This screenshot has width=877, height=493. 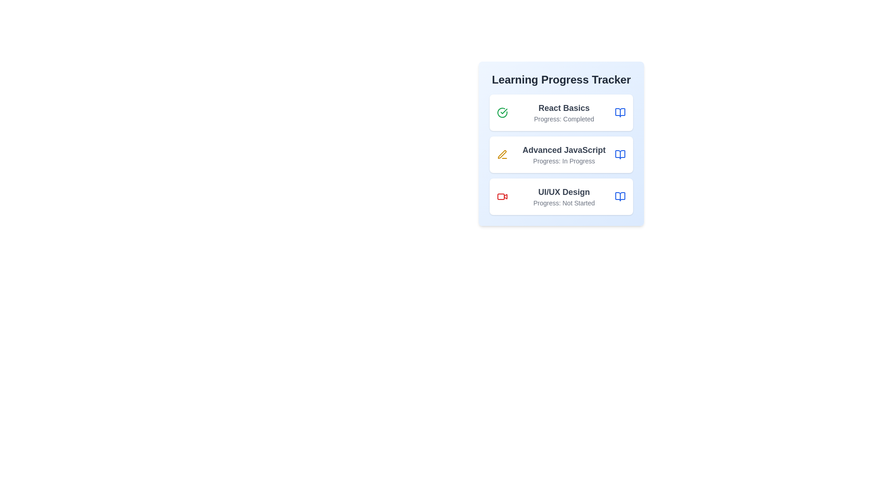 I want to click on the book icon for the course Advanced JavaScript to explore its resources, so click(x=620, y=154).